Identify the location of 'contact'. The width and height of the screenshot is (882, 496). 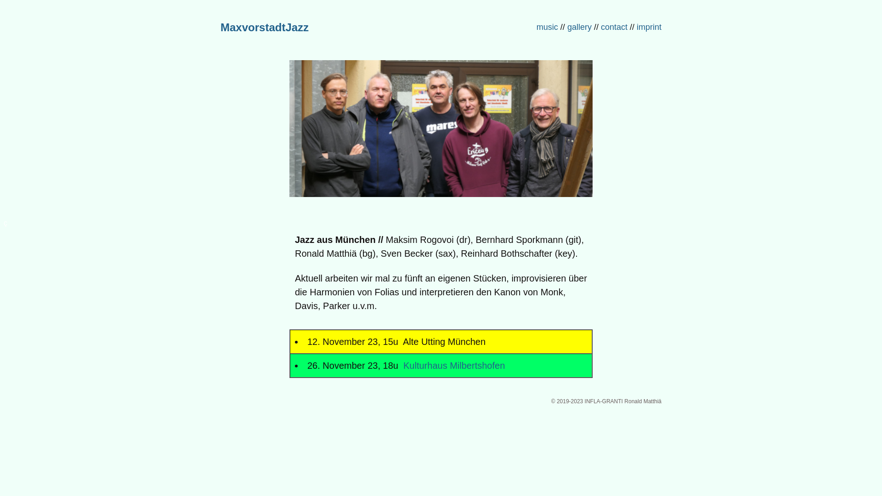
(614, 26).